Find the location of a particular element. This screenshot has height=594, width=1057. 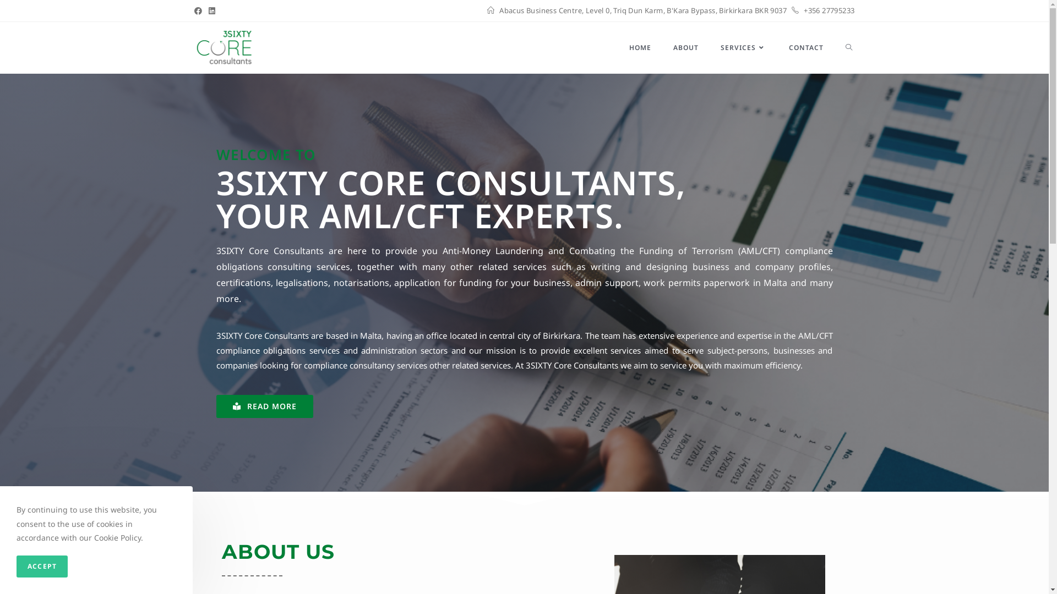

'ACCEPT' is located at coordinates (42, 566).